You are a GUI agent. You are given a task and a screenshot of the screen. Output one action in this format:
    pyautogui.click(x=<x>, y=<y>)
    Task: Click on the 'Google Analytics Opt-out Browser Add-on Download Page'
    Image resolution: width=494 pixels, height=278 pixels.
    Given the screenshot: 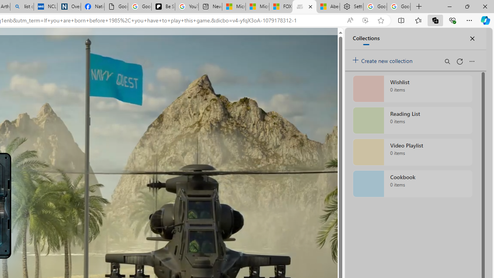 What is the action you would take?
    pyautogui.click(x=116, y=7)
    